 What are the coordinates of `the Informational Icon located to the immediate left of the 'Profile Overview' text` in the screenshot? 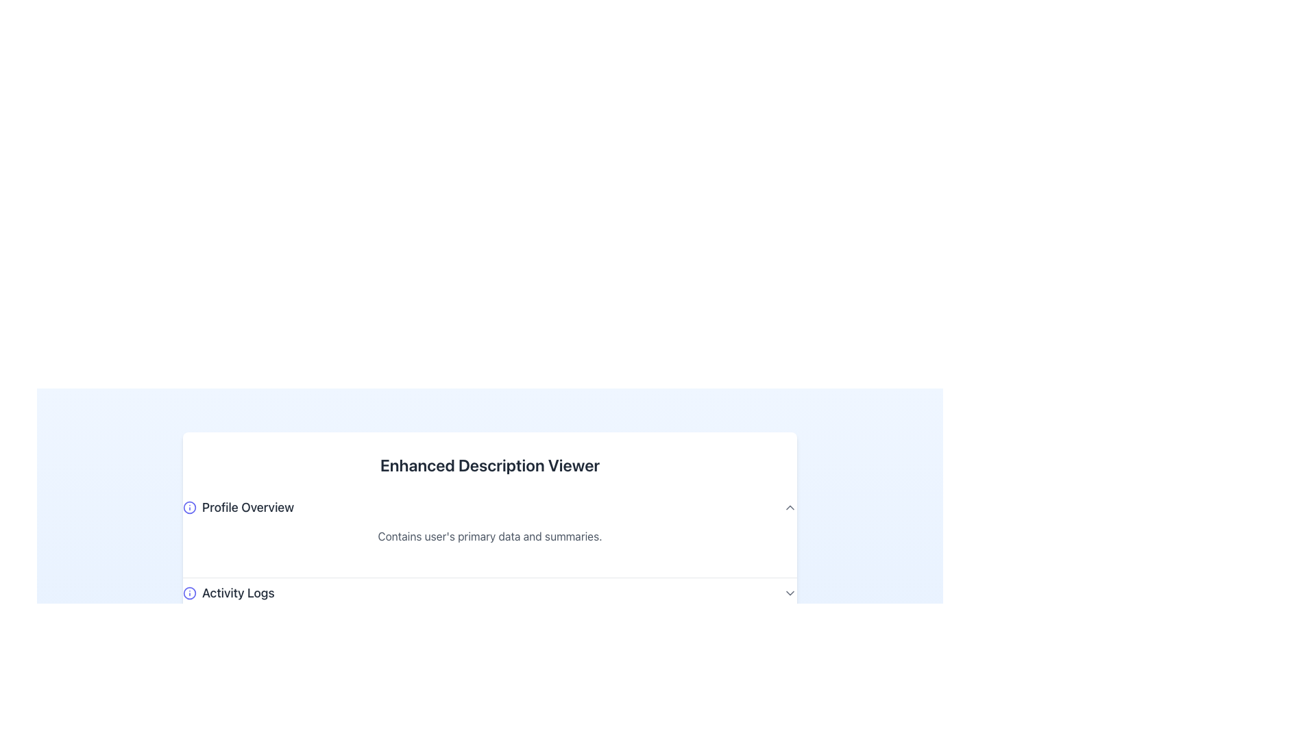 It's located at (189, 507).